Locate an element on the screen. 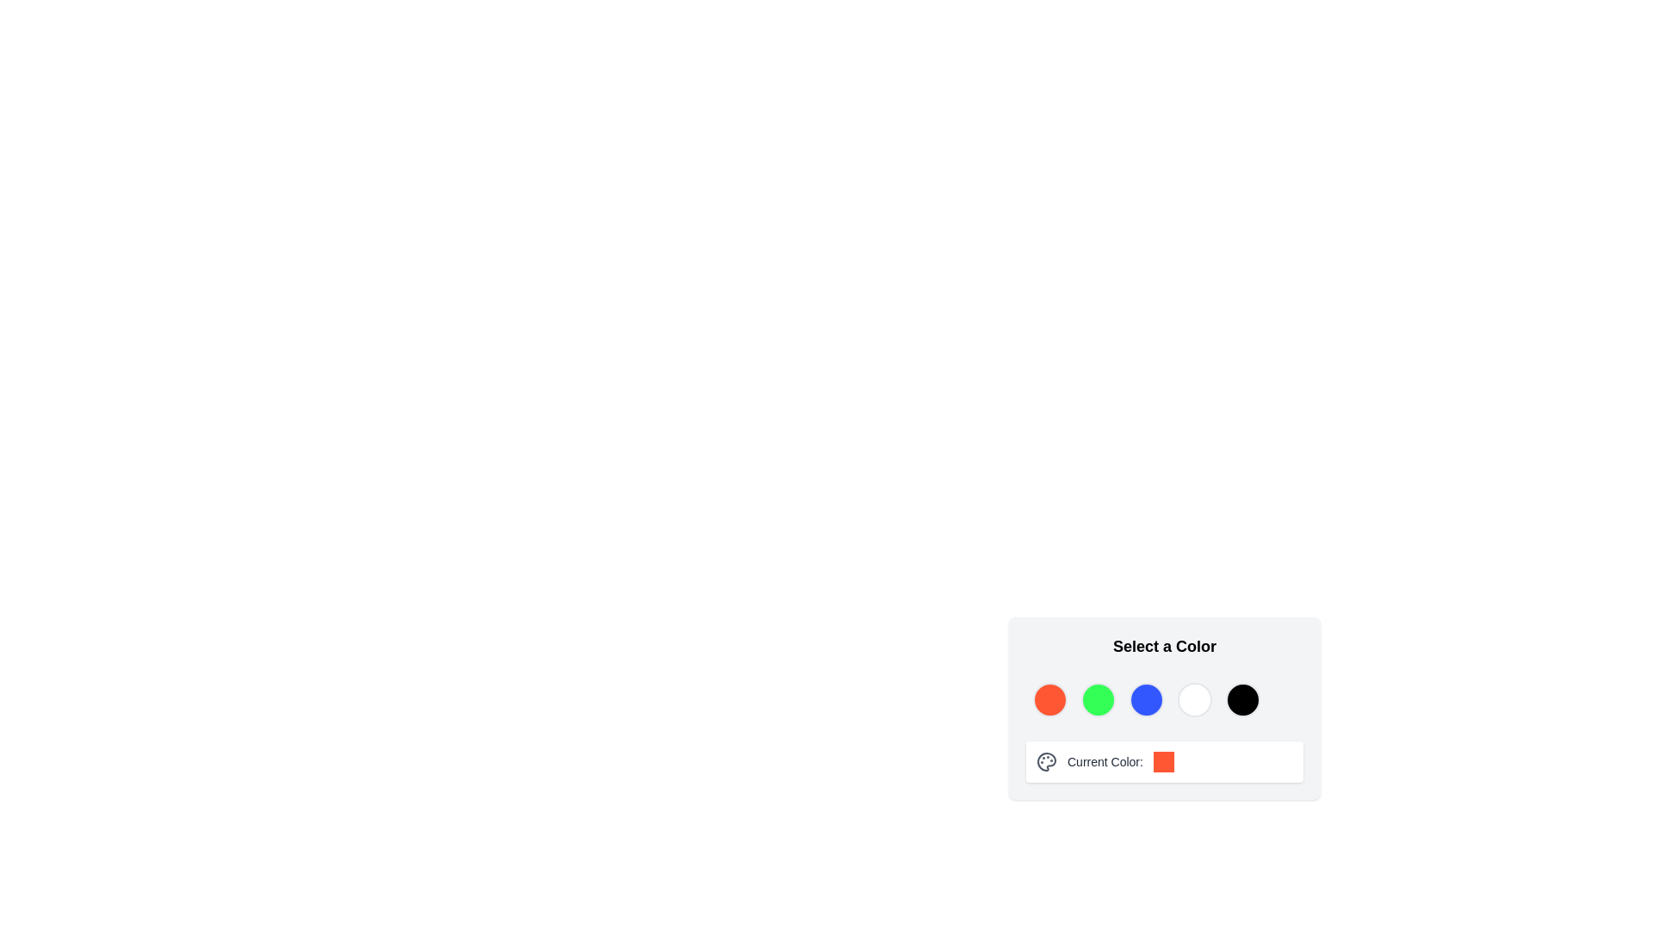 This screenshot has width=1653, height=930. the vibrant orange circular button in the selection palette is located at coordinates (1049, 700).